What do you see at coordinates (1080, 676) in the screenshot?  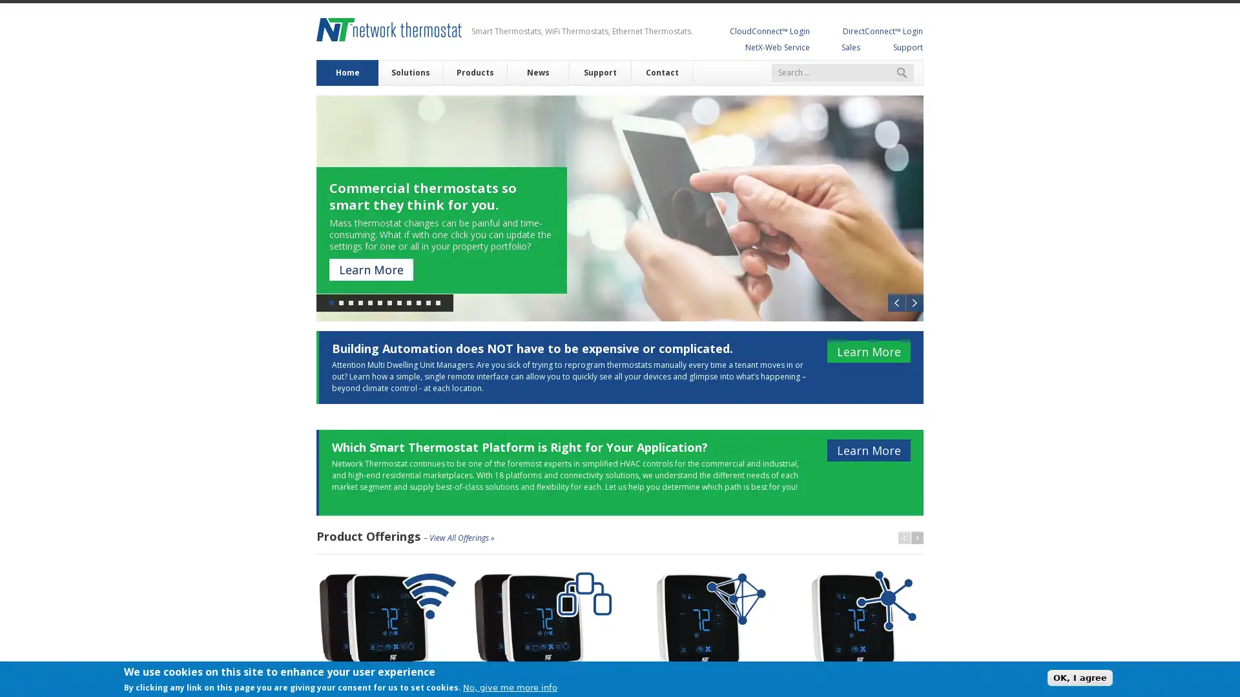 I see `OK, I agree` at bounding box center [1080, 676].